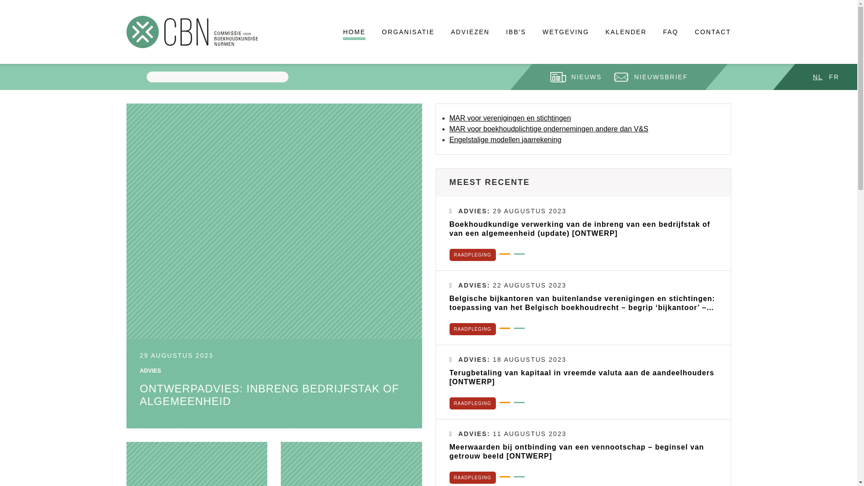  I want to click on 'NL', so click(818, 76).